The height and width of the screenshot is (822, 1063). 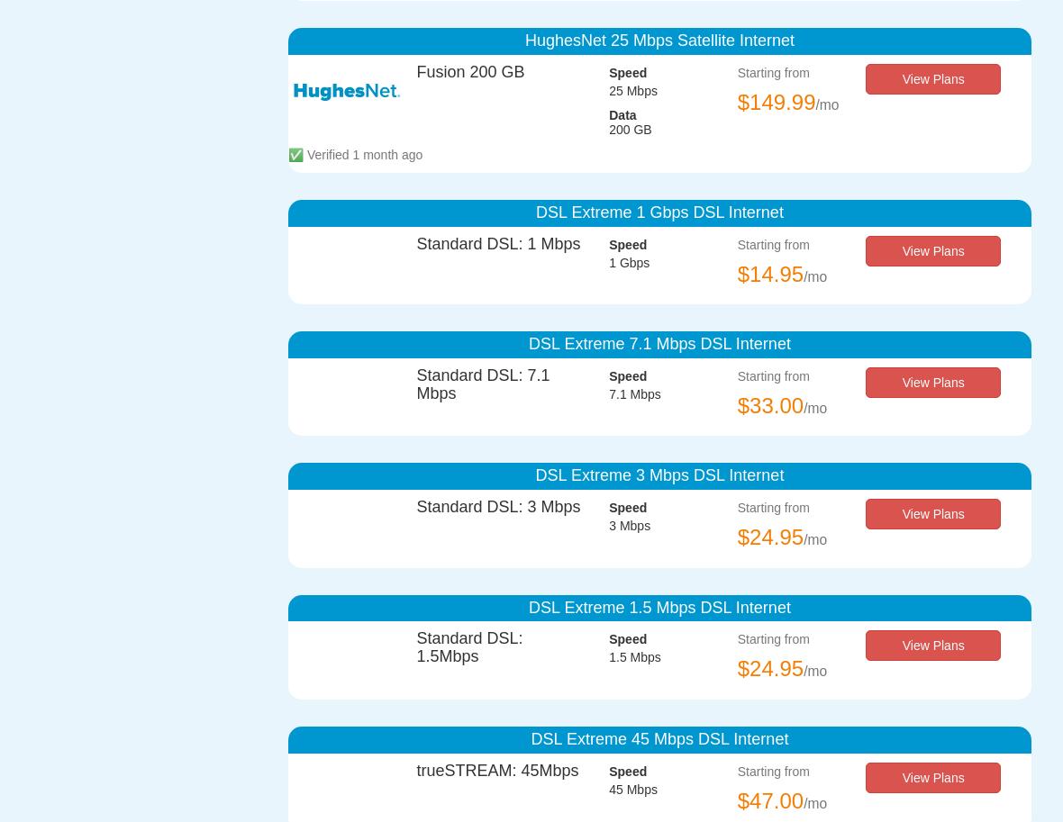 What do you see at coordinates (531, 736) in the screenshot?
I see `'DSL Extreme 45 Mbps DSL Internet'` at bounding box center [531, 736].